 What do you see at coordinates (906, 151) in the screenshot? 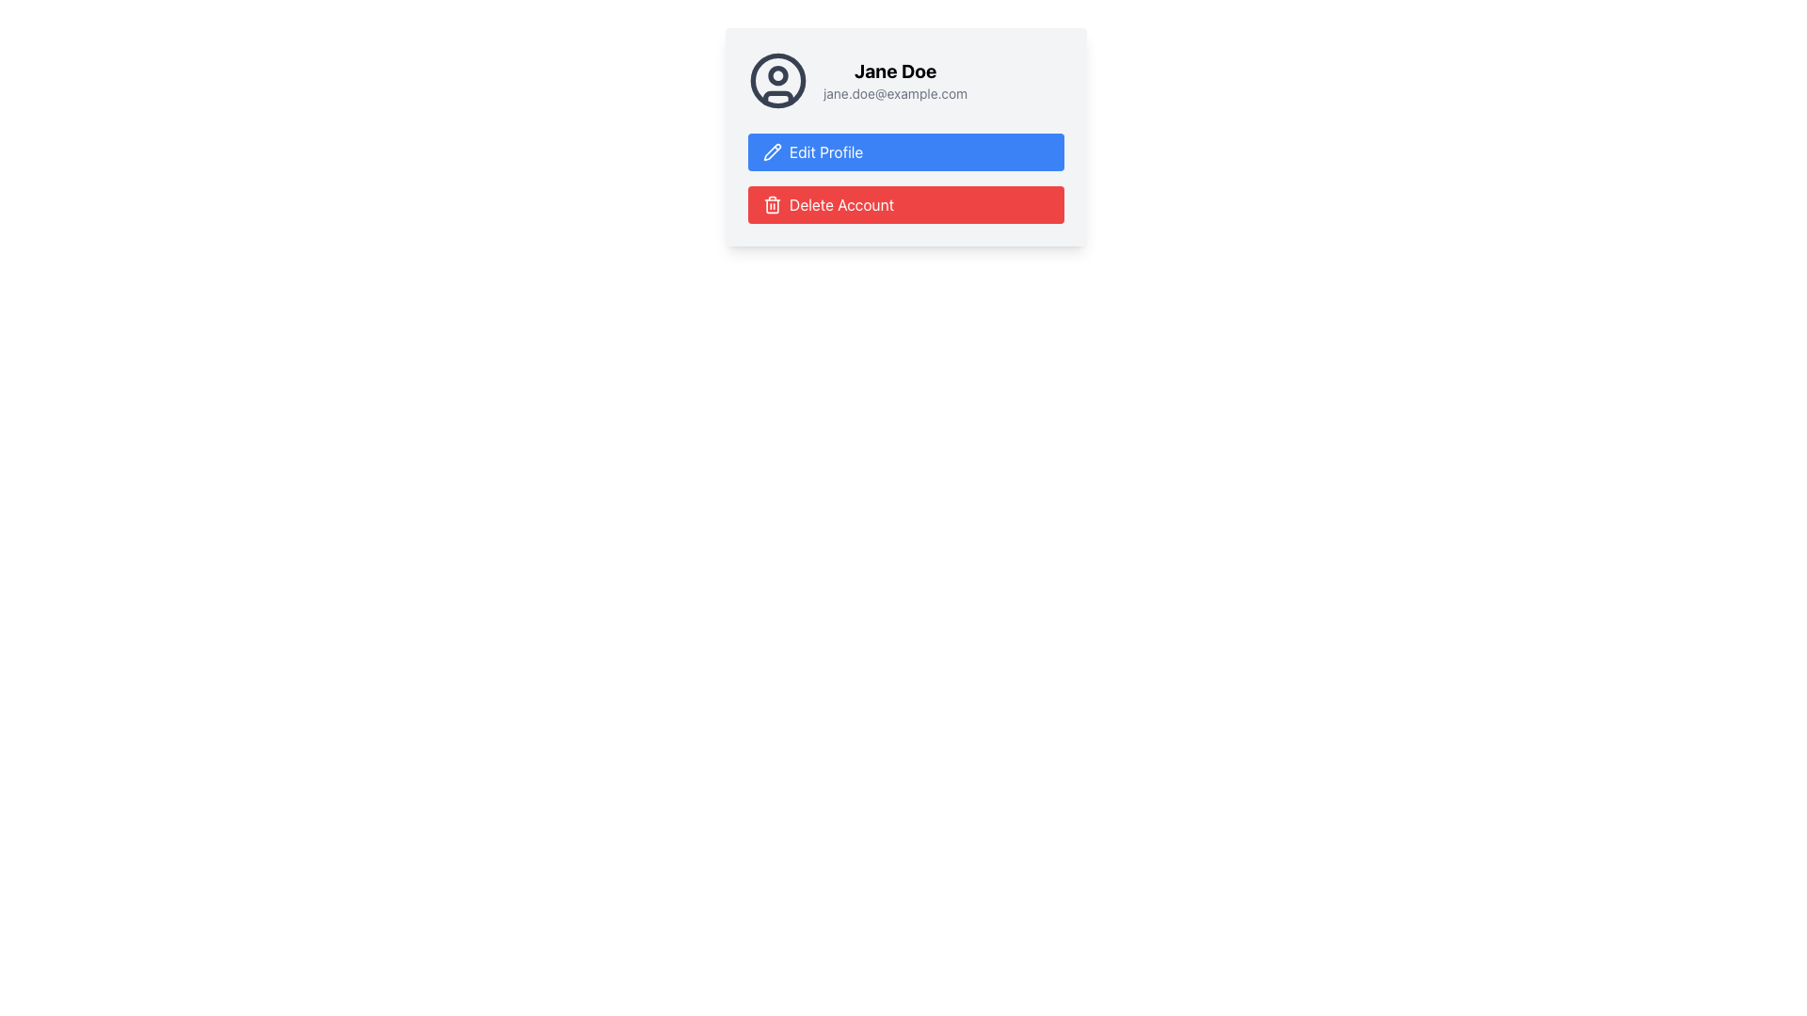
I see `the first button below the user information section to initiate profile editing` at bounding box center [906, 151].